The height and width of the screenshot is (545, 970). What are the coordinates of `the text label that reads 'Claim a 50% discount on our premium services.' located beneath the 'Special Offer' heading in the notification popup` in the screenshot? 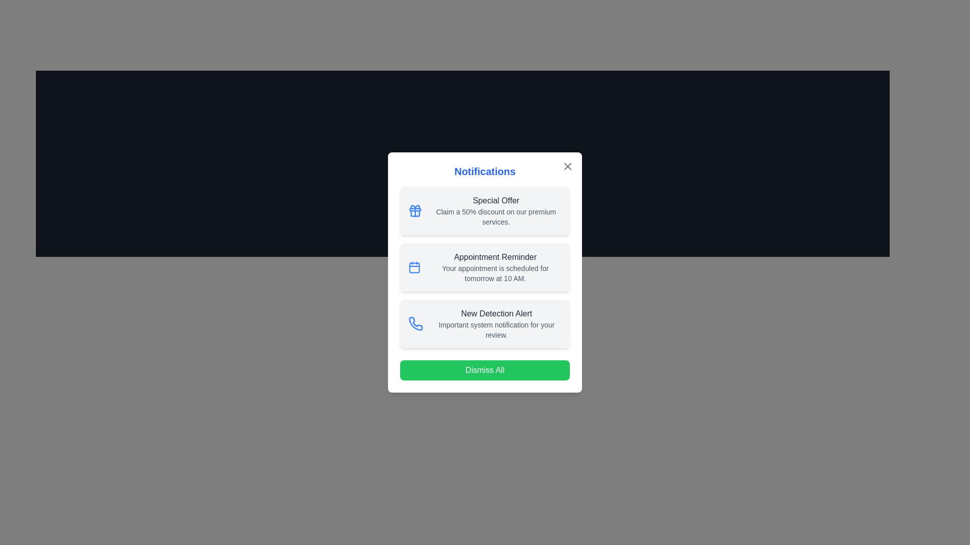 It's located at (496, 216).